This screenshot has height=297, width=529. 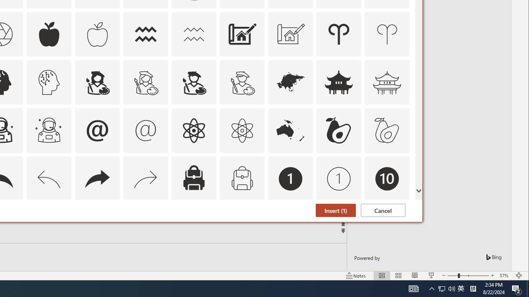 What do you see at coordinates (290, 82) in the screenshot?
I see `'AutomationID: Icons_Asia'` at bounding box center [290, 82].